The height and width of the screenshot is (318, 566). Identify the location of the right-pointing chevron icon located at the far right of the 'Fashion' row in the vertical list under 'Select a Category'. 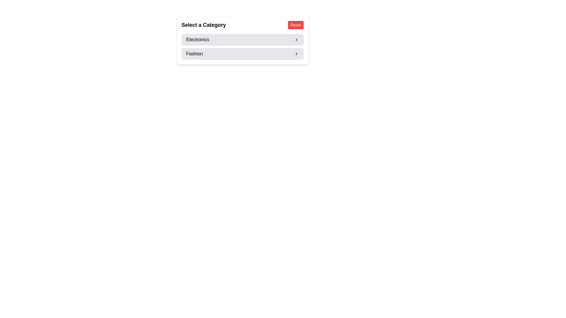
(296, 54).